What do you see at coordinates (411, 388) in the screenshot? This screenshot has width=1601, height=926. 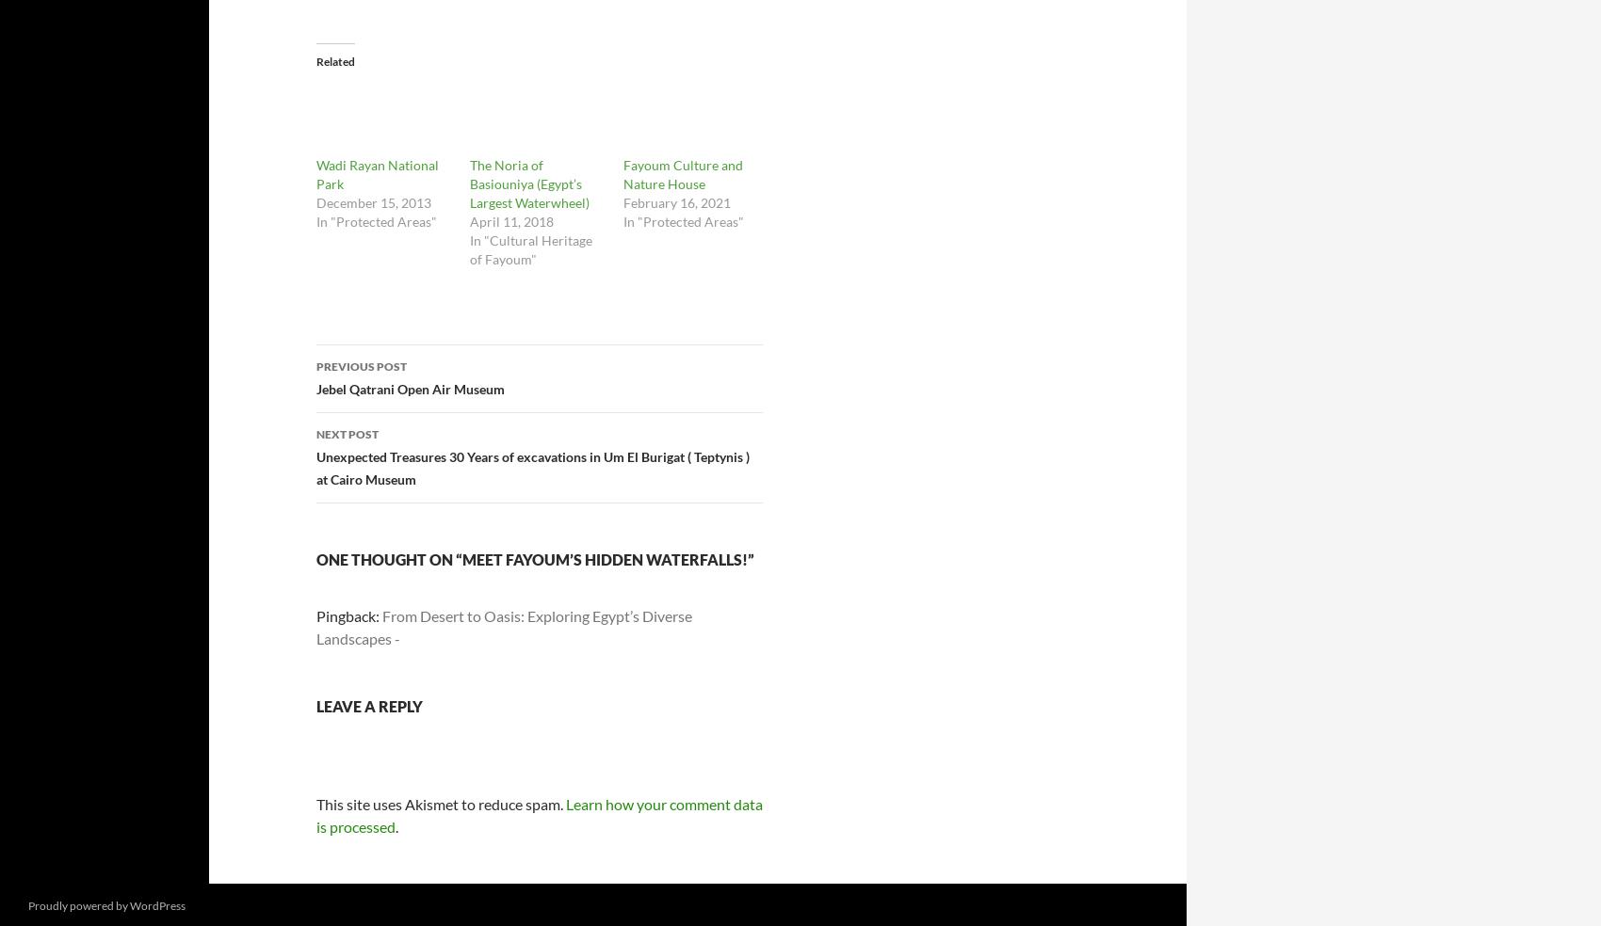 I see `'Jebel Qatrani Open Air Museum'` at bounding box center [411, 388].